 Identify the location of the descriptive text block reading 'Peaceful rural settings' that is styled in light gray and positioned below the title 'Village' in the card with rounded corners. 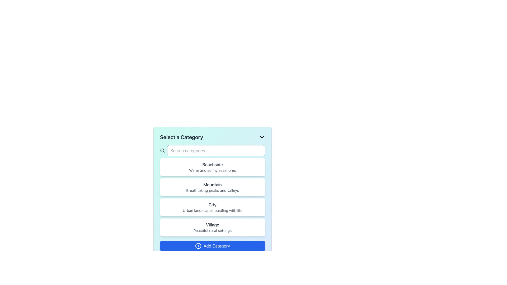
(213, 230).